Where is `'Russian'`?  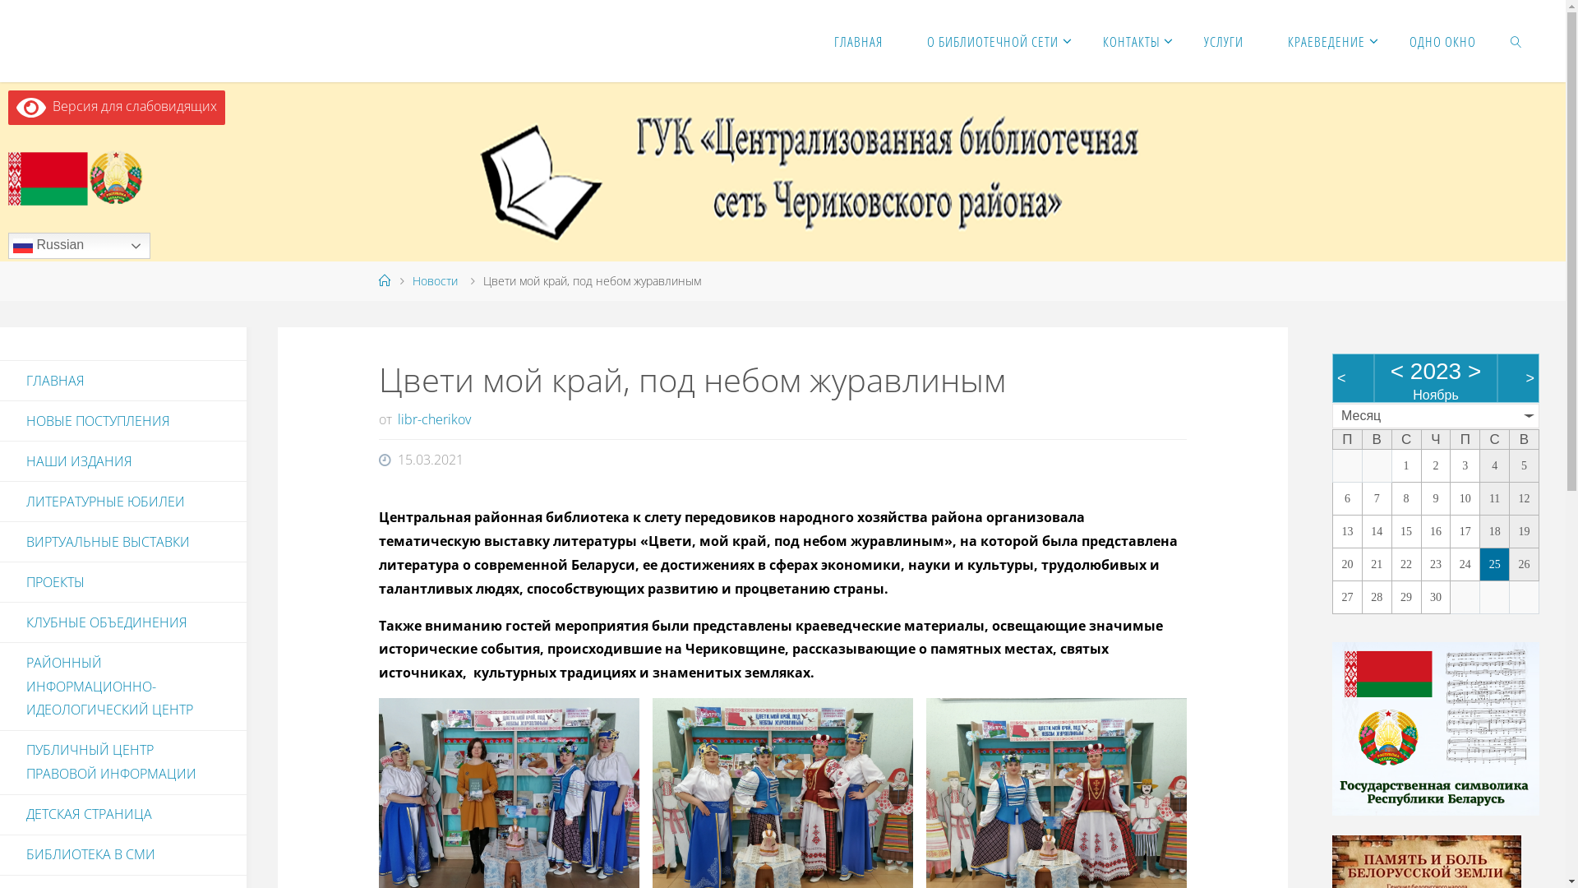
'Russian' is located at coordinates (78, 246).